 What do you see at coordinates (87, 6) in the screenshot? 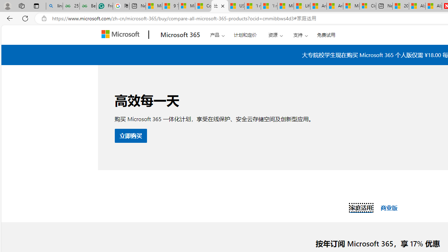
I see `'Best SSL Certificates Provider in India - GeeksforGeeks'` at bounding box center [87, 6].